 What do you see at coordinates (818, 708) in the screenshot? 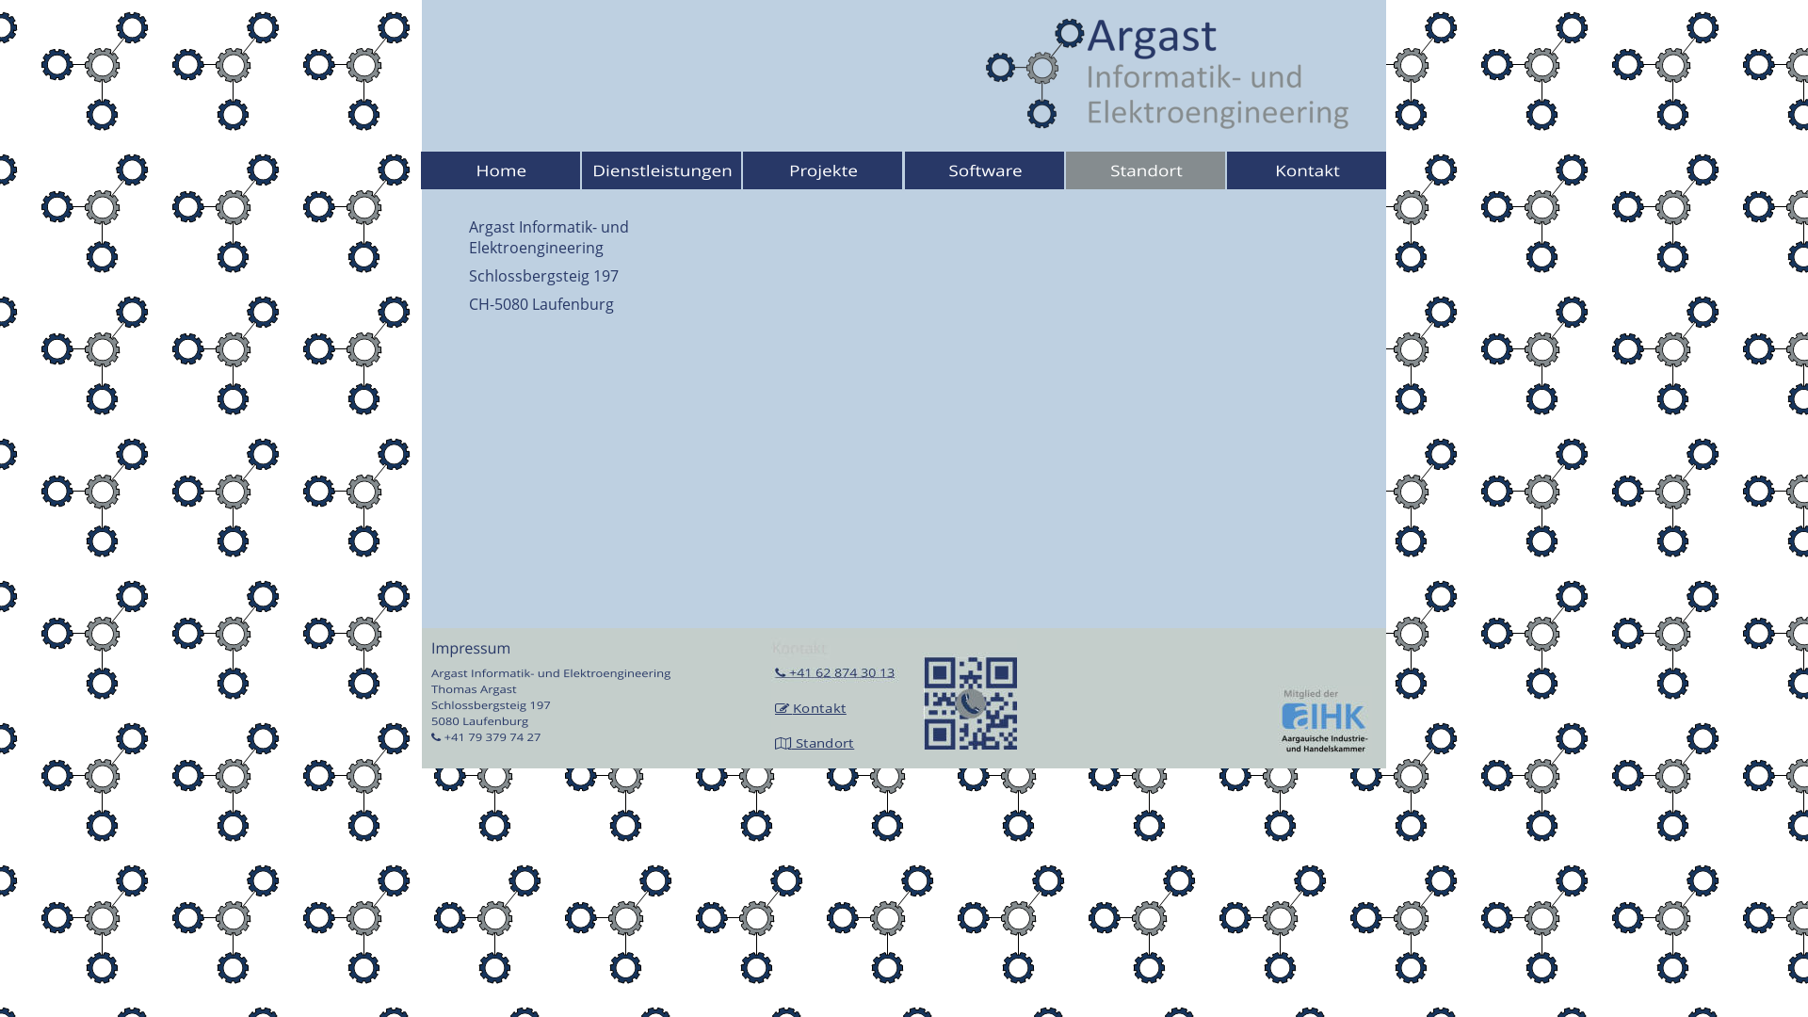
I see `'Kontakt'` at bounding box center [818, 708].